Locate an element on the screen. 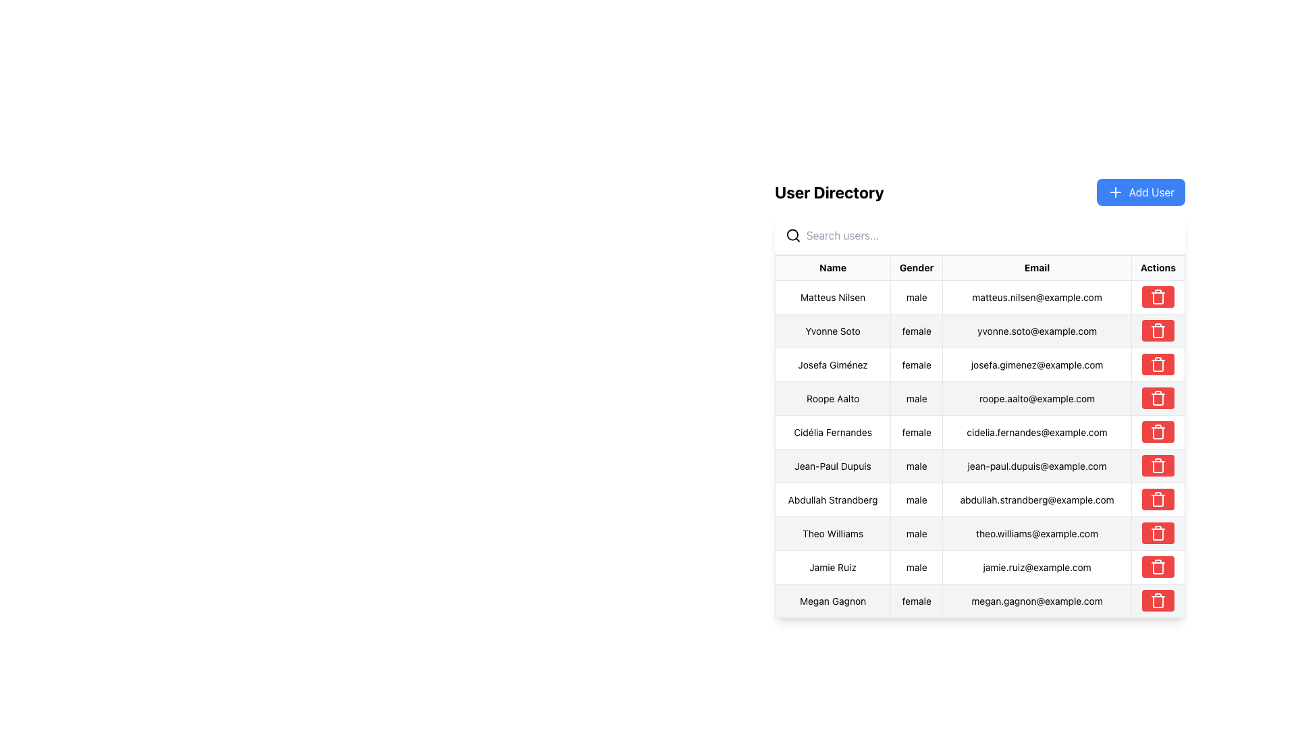  the gender information cell for user 'Yvonne Soto', which is the second cell in the row under the 'Gender' column is located at coordinates (917, 331).